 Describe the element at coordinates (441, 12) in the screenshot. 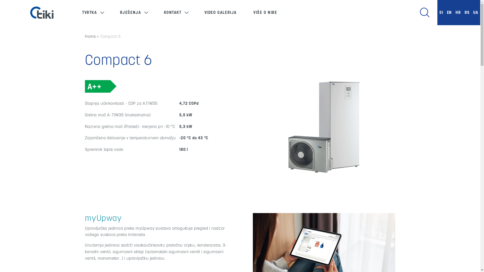

I see `'SI'` at that location.